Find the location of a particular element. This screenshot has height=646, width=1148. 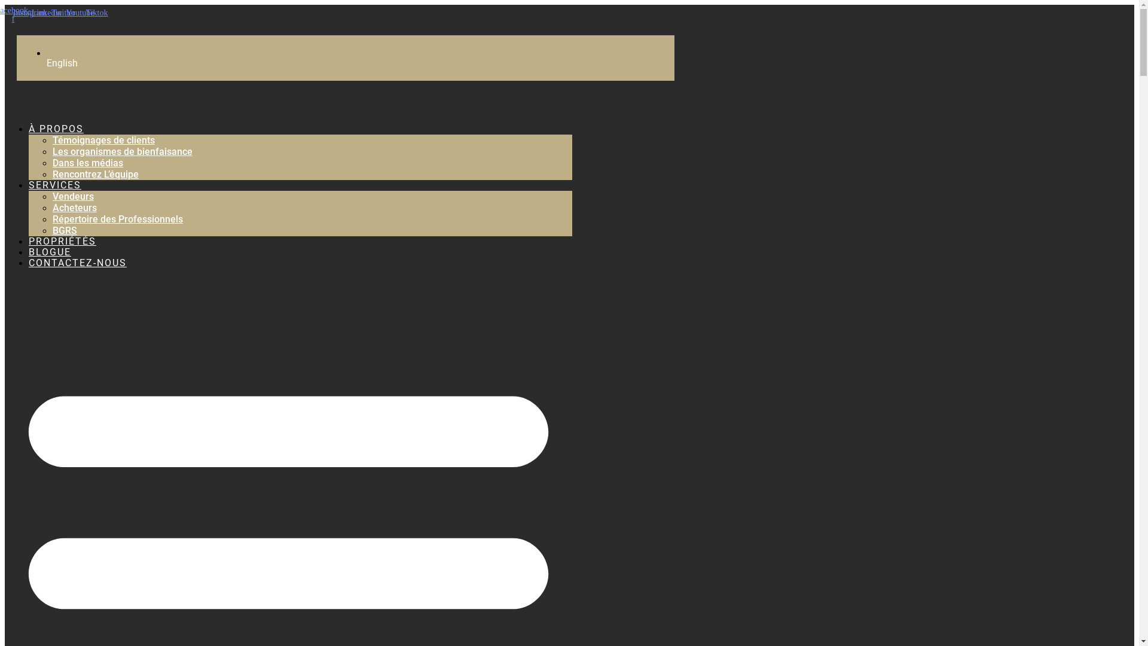

'BGRS' is located at coordinates (64, 230).